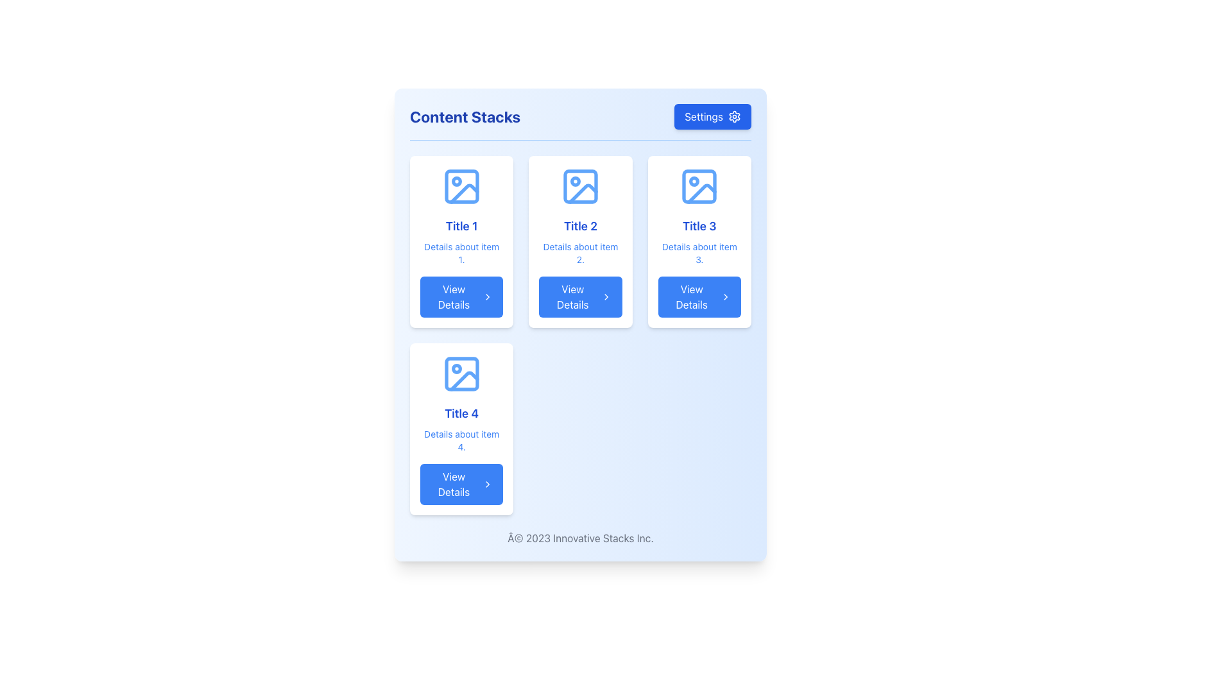 Image resolution: width=1232 pixels, height=693 pixels. I want to click on the static text label providing additional descriptive information about the item titled 'Title 2', located within the card in the second column of the top row, so click(579, 253).